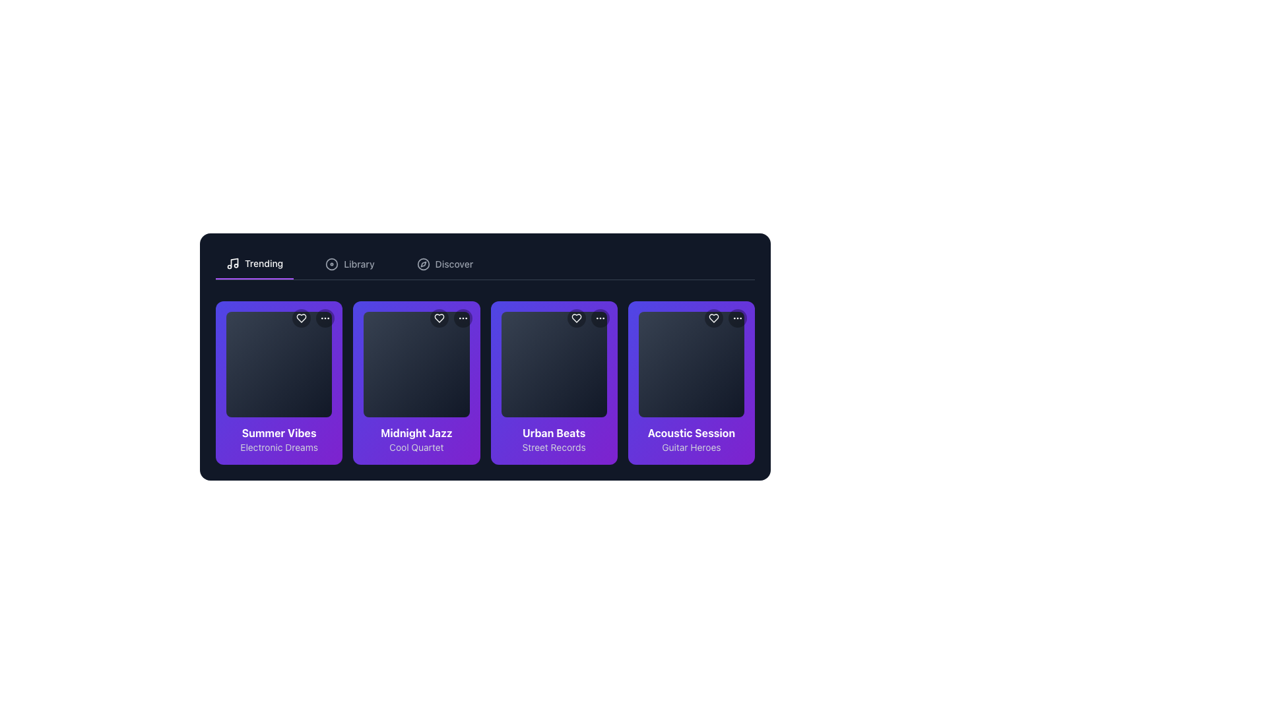  Describe the element at coordinates (278, 365) in the screenshot. I see `first square tile in the horizontal list under the 'Summer Vibes' title in the 'Trending' section` at that location.